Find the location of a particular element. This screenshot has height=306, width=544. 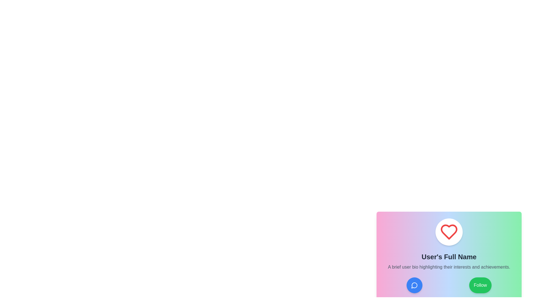

the interactive button intended for initiating a conversation, located centrally below the user information section and slightly to the left of the 'Follow' button is located at coordinates (415, 285).